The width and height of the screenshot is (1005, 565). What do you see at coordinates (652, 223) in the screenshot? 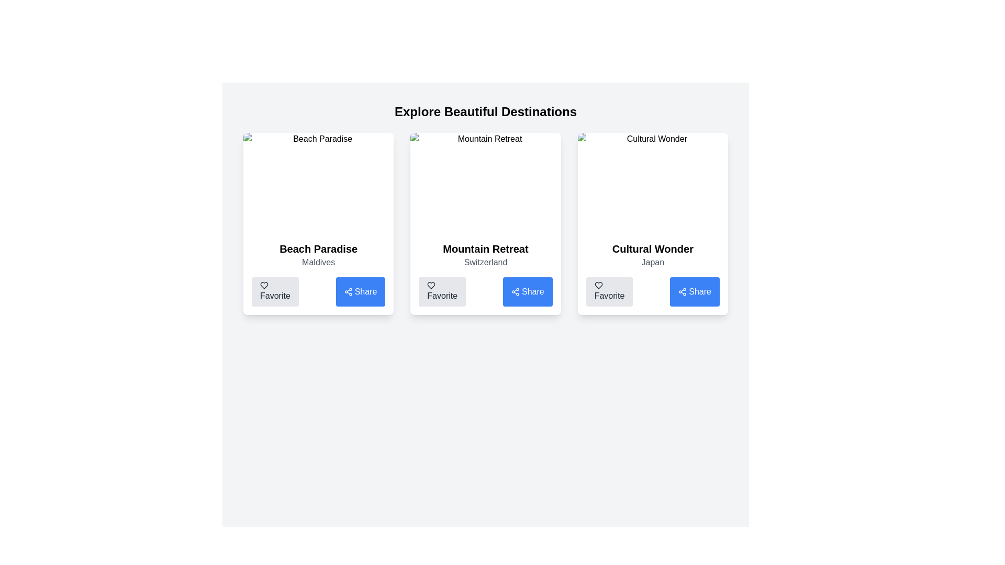
I see `the card labeled 'Cultural Wonder'` at bounding box center [652, 223].